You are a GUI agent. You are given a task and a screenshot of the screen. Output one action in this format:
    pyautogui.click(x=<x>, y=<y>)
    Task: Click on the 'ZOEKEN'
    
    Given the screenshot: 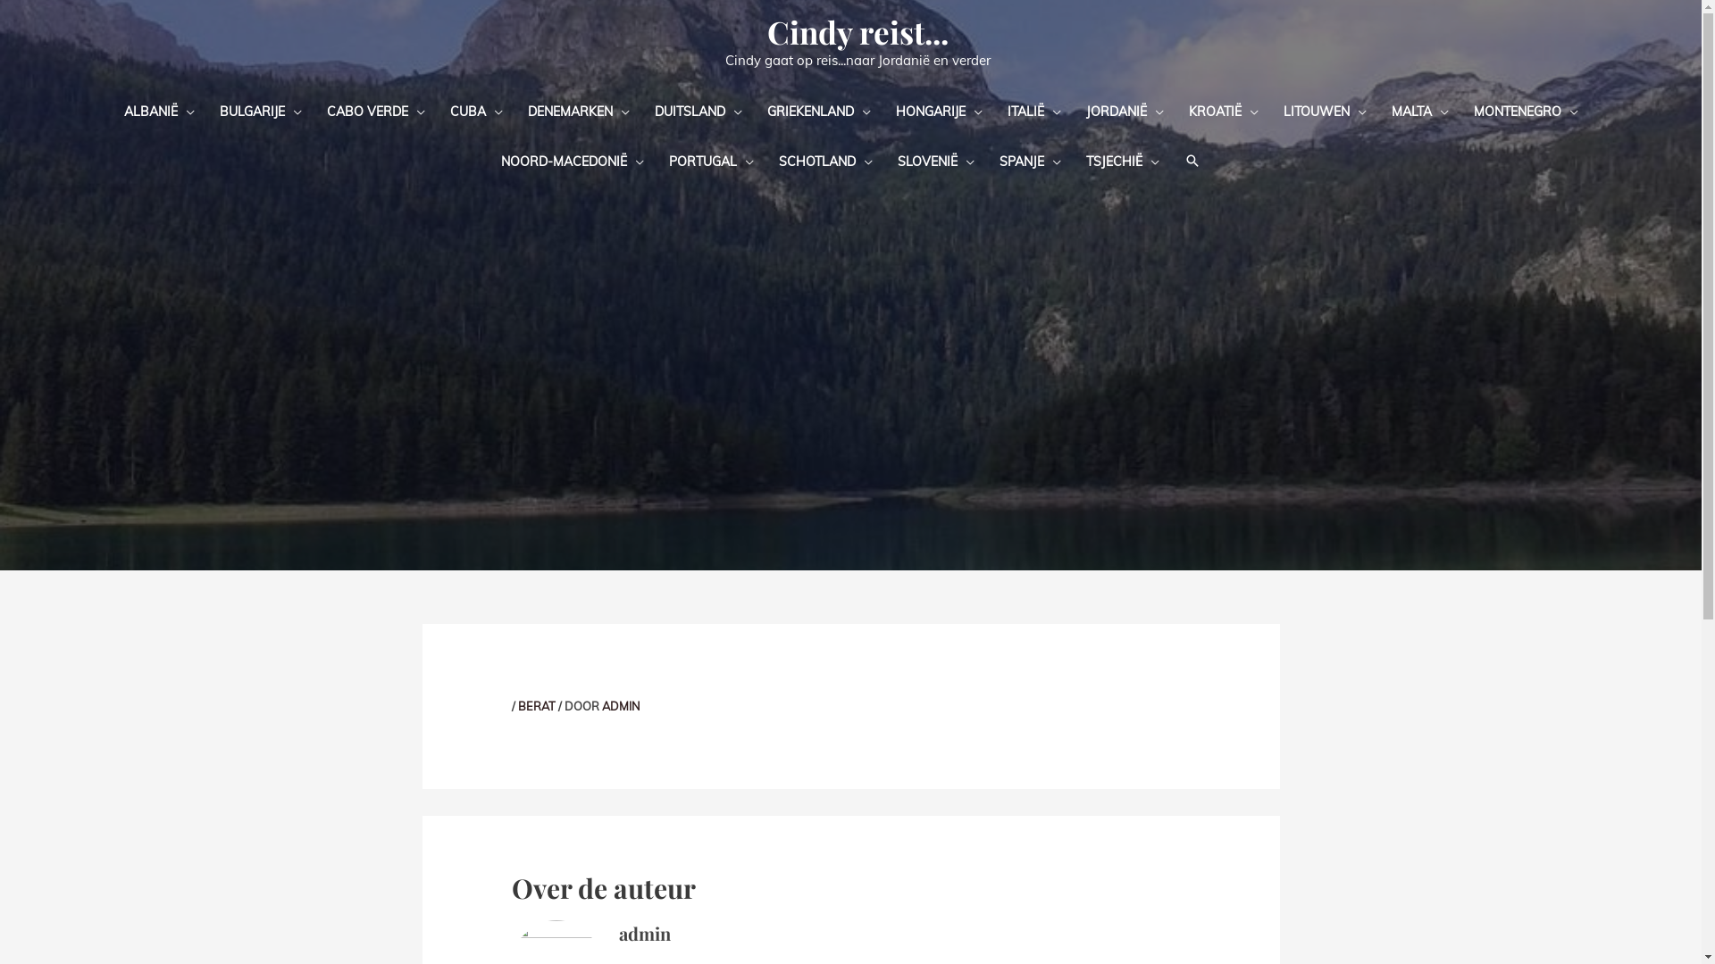 What is the action you would take?
    pyautogui.click(x=1192, y=161)
    